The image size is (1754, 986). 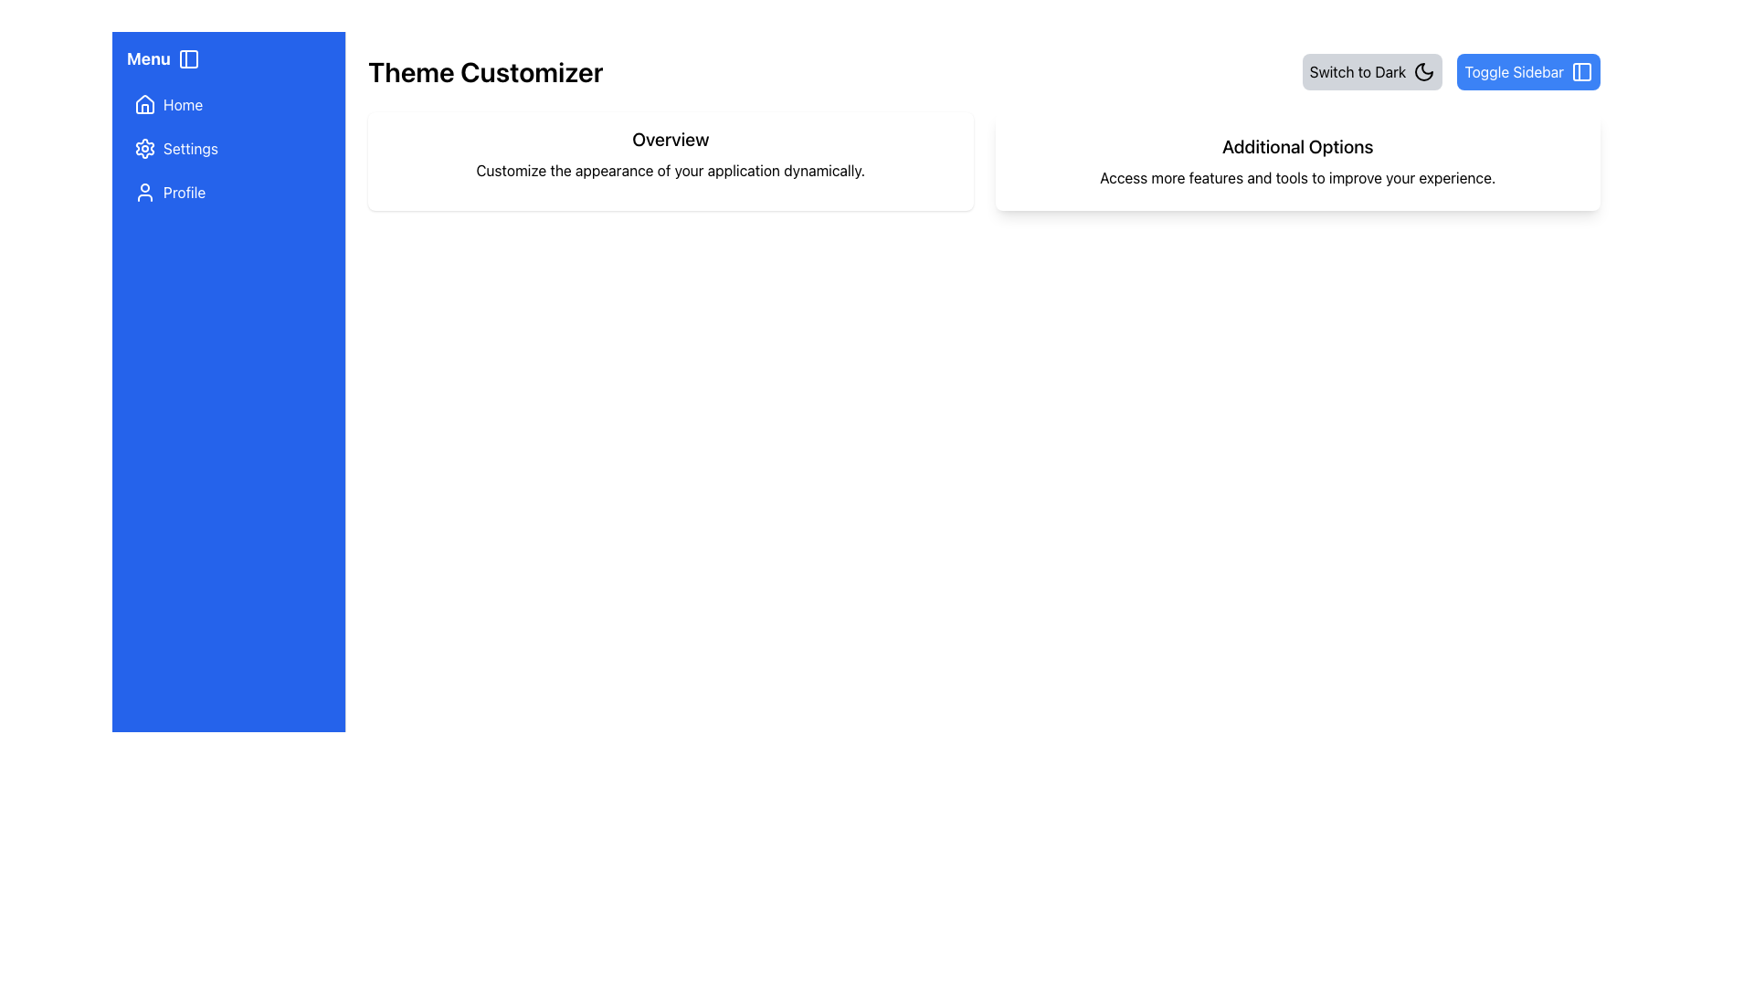 What do you see at coordinates (1528, 70) in the screenshot?
I see `the 'Toggle Sidebar' button, which is a rectangular button with white text and a sidebar toggle icon on a blue background, located in the top right section of the interface` at bounding box center [1528, 70].